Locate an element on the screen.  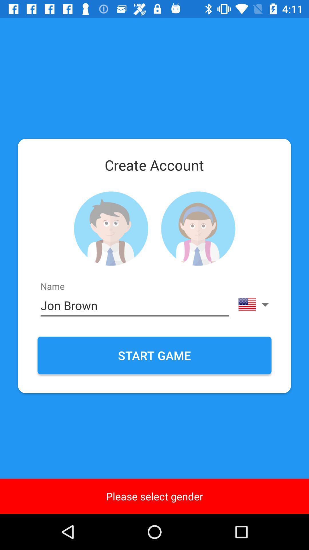
male gender is located at coordinates (111, 228).